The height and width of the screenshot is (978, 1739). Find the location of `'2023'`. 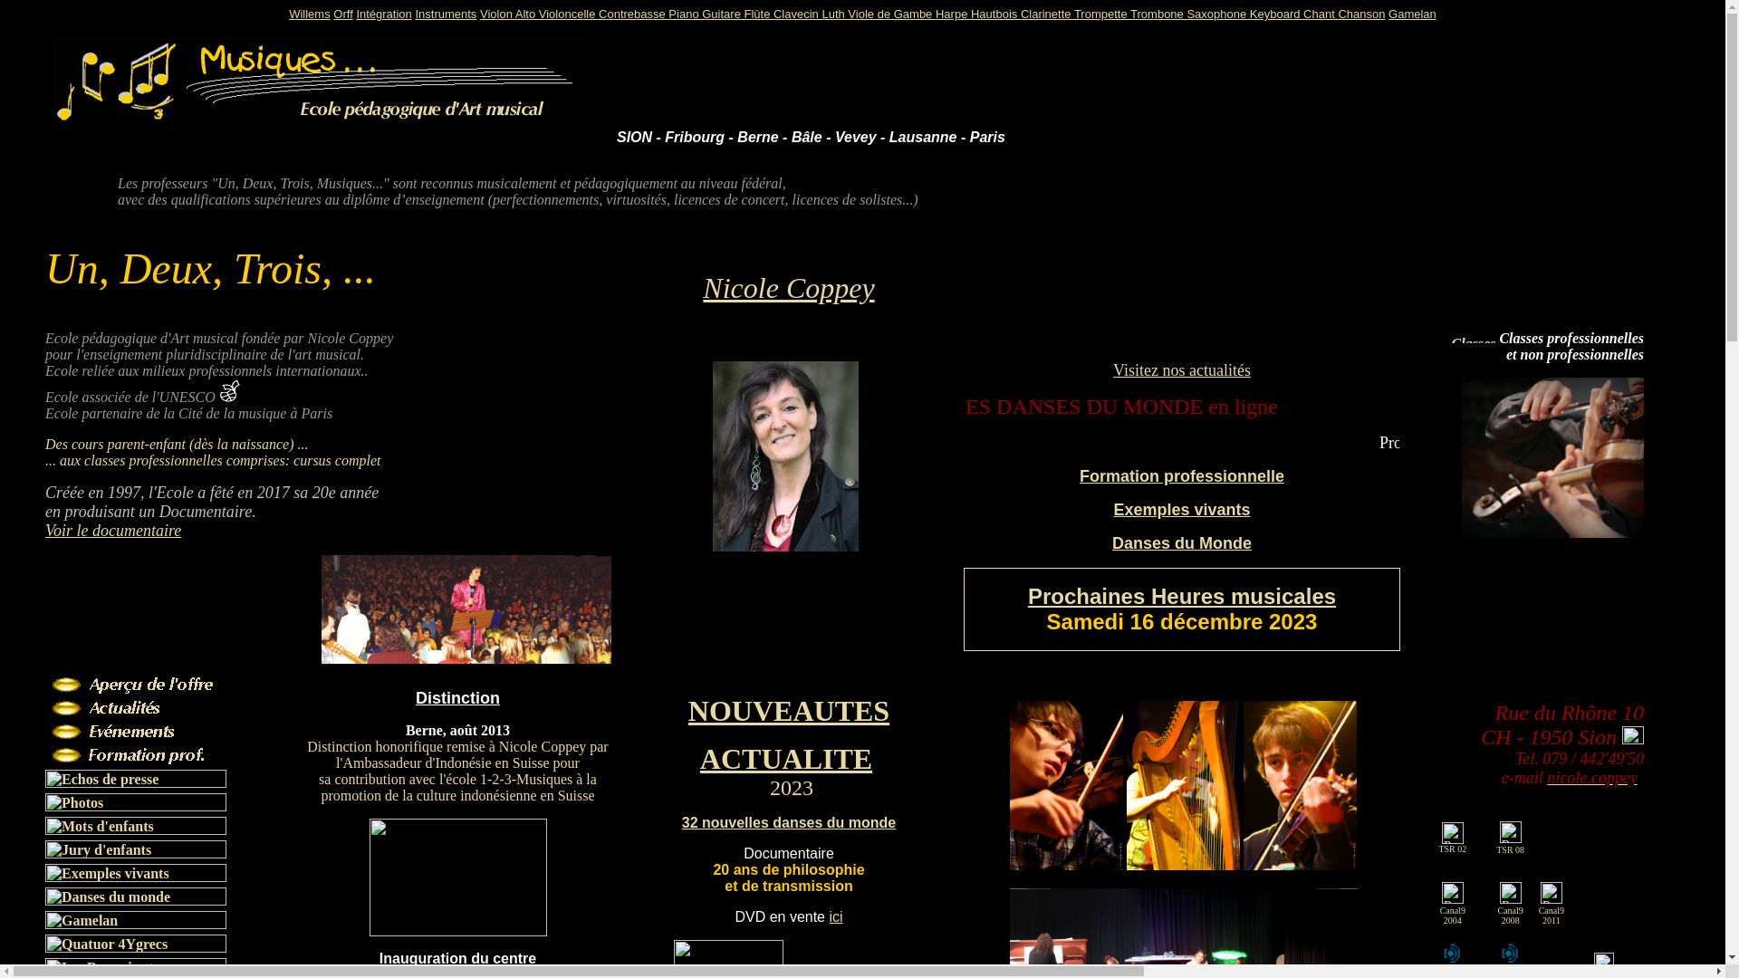

'2023' is located at coordinates (791, 789).